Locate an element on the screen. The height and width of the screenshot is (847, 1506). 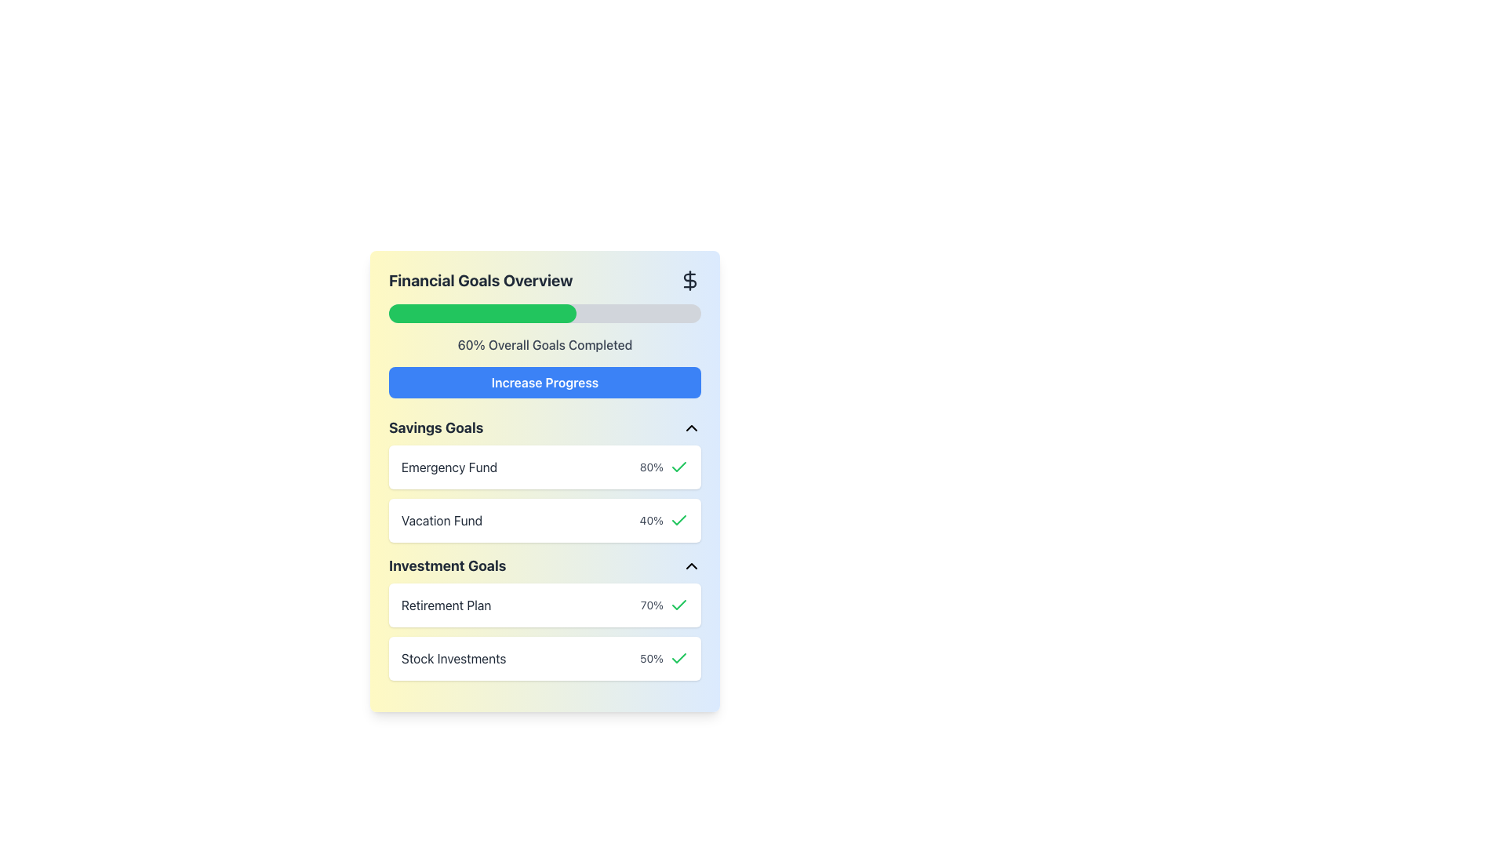
the static success icon indicating the completion of the 'Stock Investments' entry, positioned at the far right of the row containing '50%' is located at coordinates (678, 659).